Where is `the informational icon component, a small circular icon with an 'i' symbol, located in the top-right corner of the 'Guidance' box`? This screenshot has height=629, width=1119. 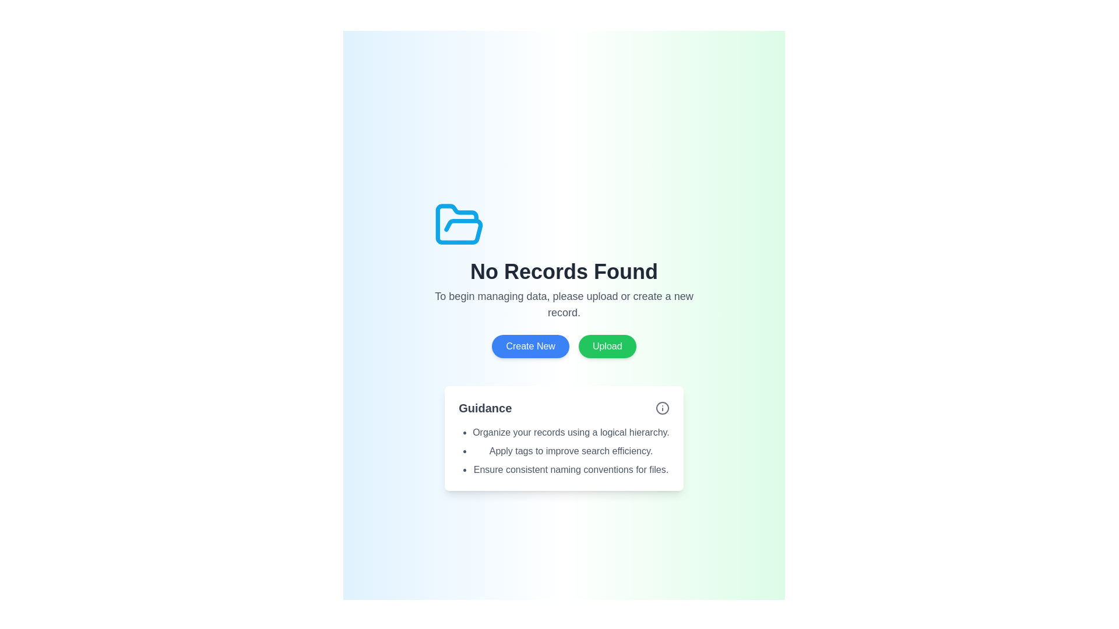
the informational icon component, a small circular icon with an 'i' symbol, located in the top-right corner of the 'Guidance' box is located at coordinates (662, 408).